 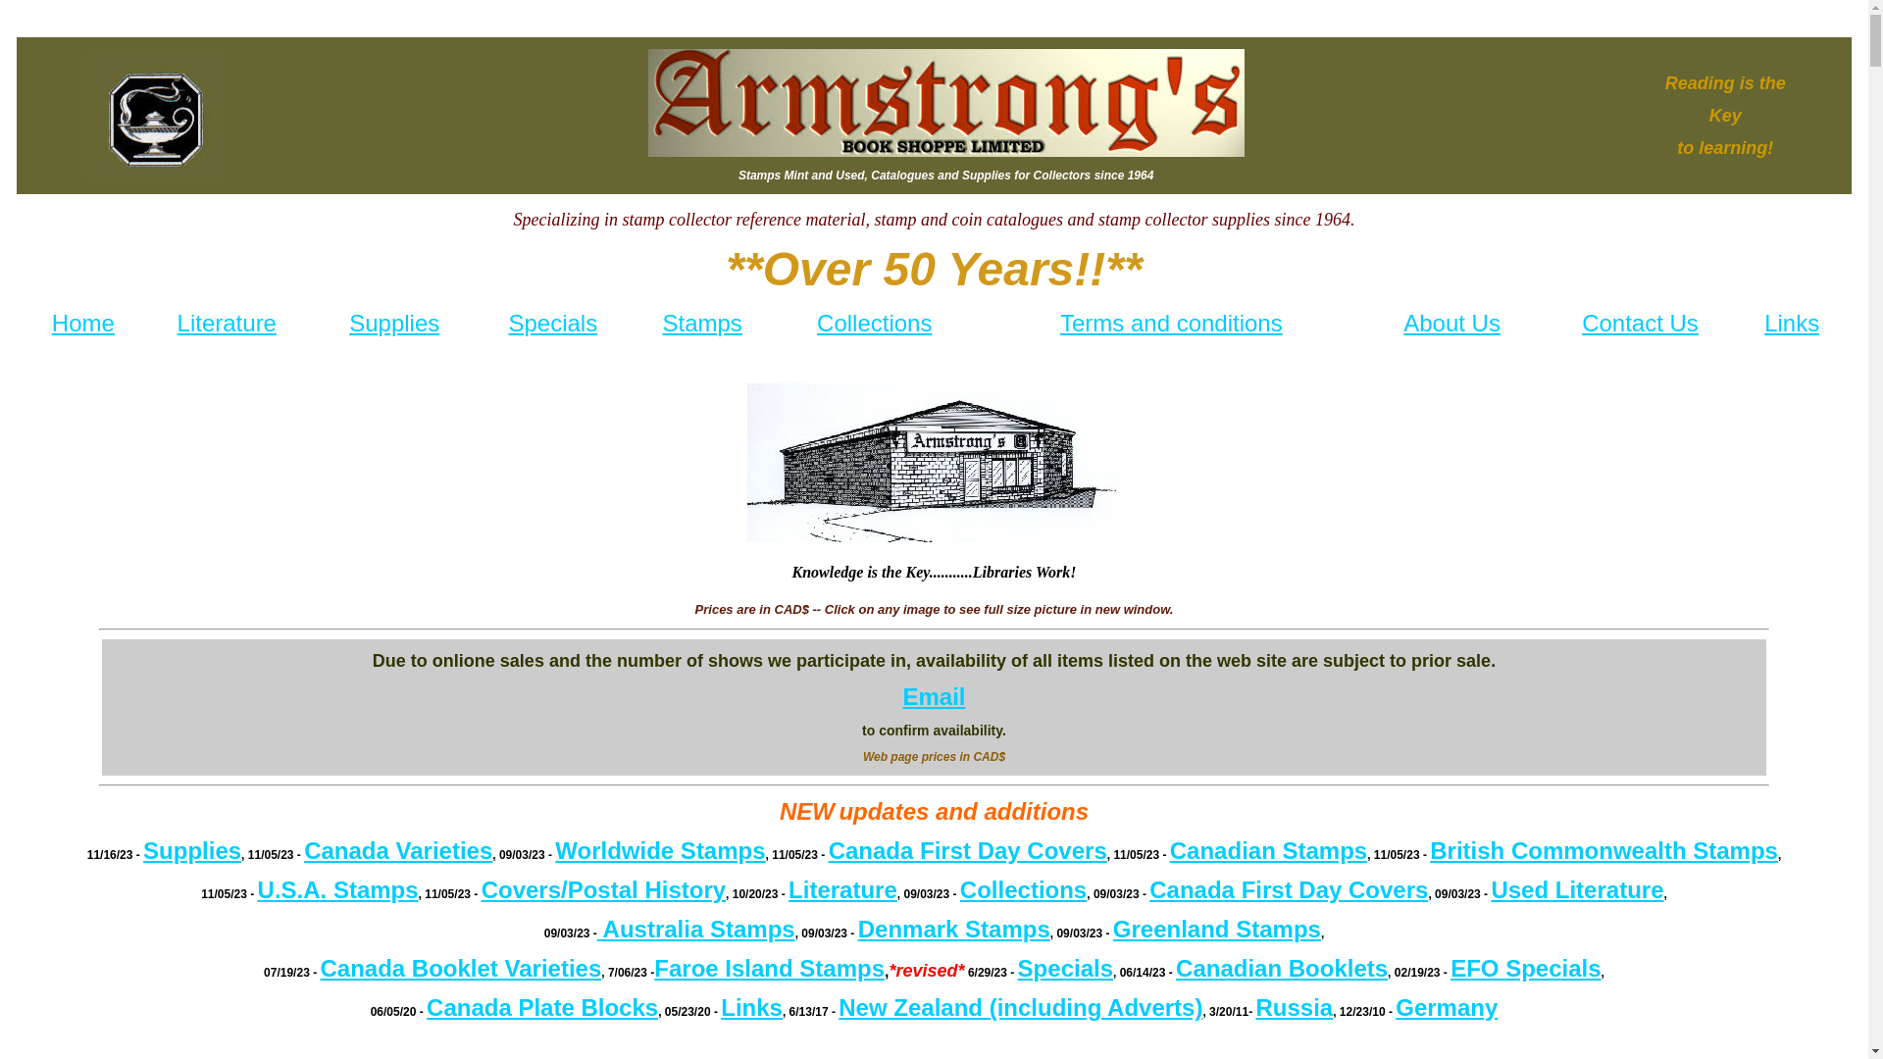 I want to click on 'Literature', so click(x=842, y=889).